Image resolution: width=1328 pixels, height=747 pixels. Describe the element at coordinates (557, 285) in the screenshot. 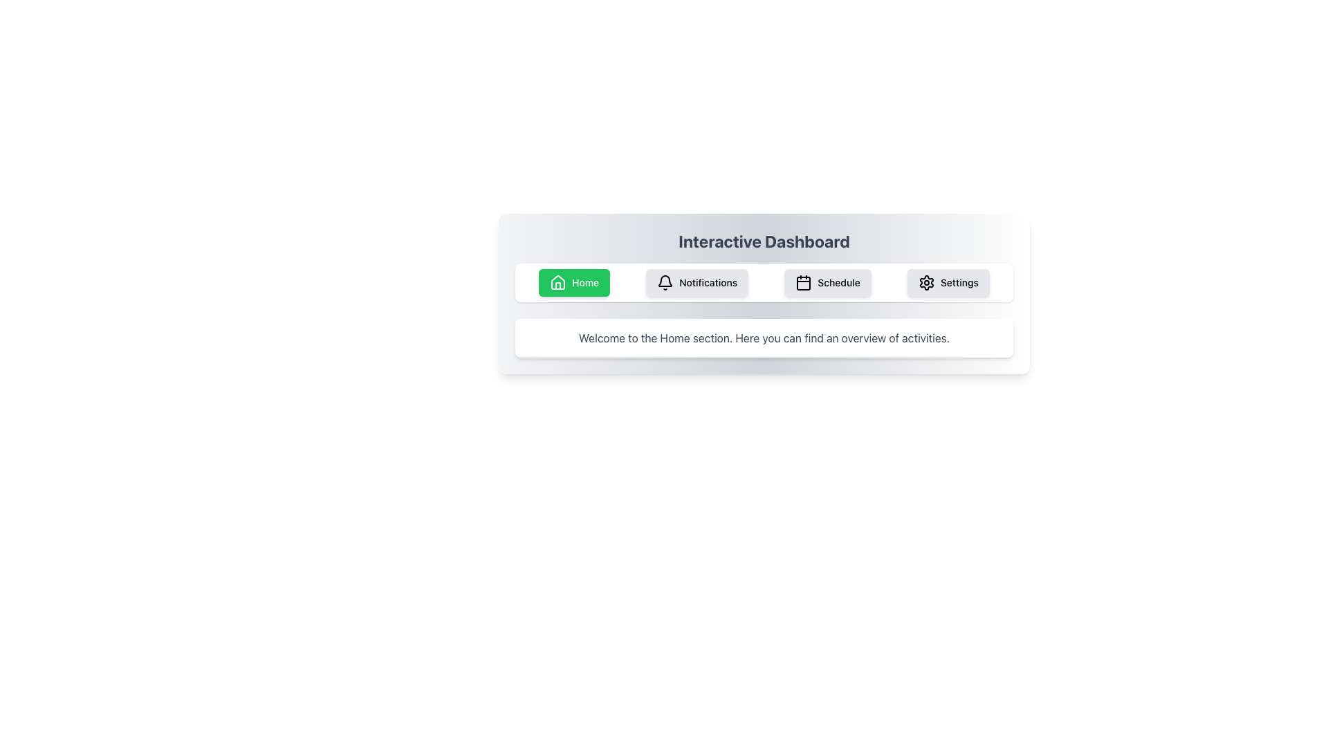

I see `the 'Home' button located in the top navigation bar, which contains the house icon with a smaller door segment` at that location.